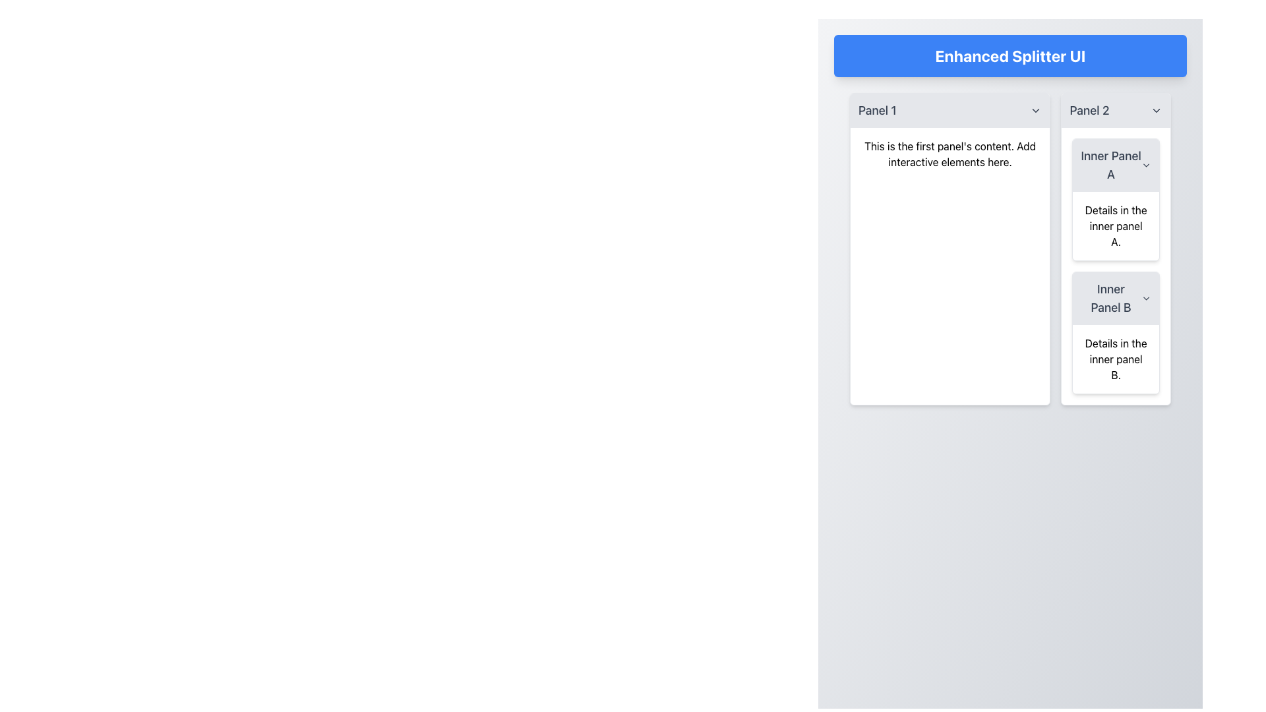 Image resolution: width=1266 pixels, height=712 pixels. What do you see at coordinates (1145, 298) in the screenshot?
I see `the downward-facing chevron icon located to the right of the text 'Inner Panel B' in 'Panel 2'` at bounding box center [1145, 298].